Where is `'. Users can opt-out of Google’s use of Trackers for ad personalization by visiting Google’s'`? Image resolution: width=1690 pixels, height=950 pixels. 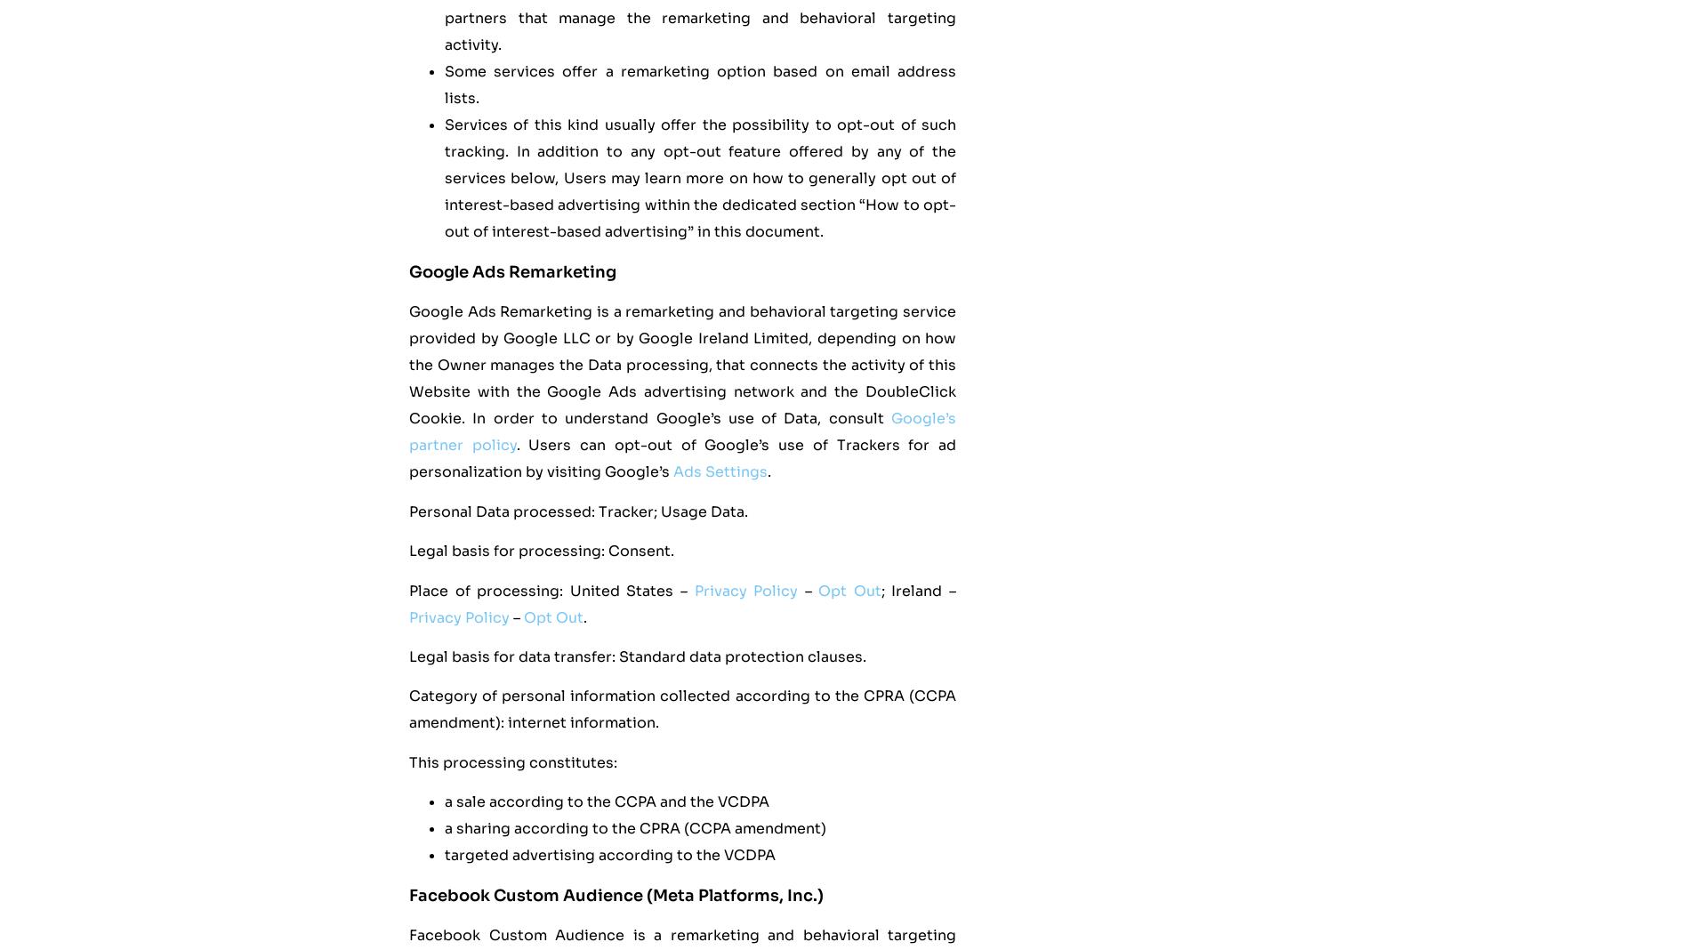 '. Users can opt-out of Google’s use of Trackers for ad personalization by visiting Google’s' is located at coordinates (681, 458).